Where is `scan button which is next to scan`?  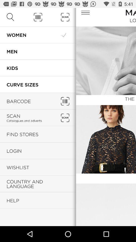
scan button which is next to scan is located at coordinates (65, 118).